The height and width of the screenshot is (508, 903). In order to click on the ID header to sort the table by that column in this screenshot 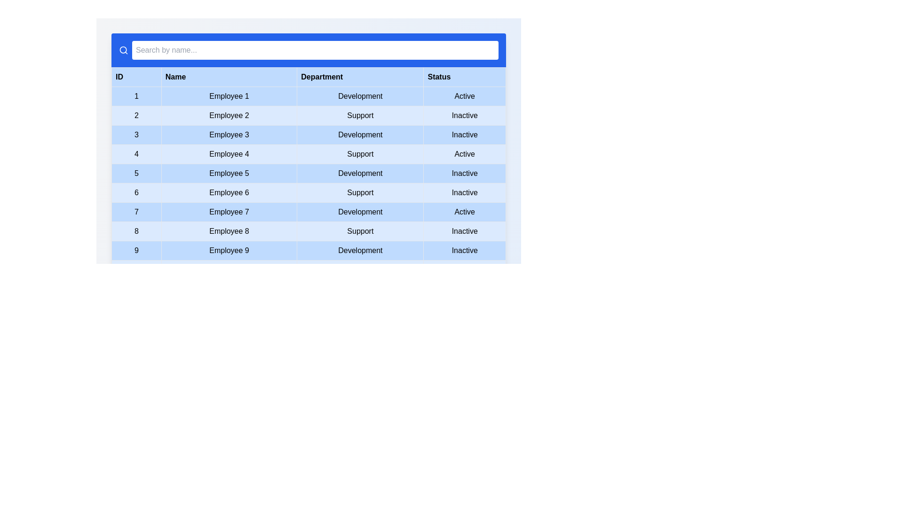, I will do `click(135, 77)`.